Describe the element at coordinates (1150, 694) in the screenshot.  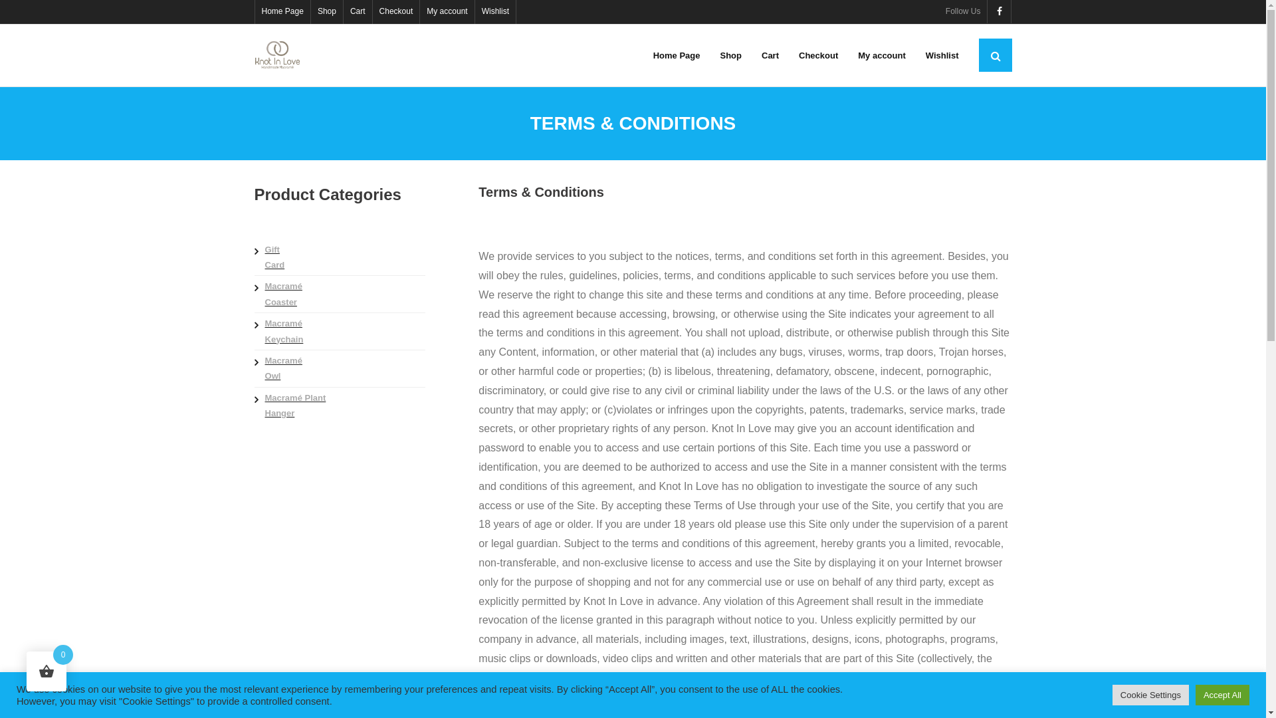
I see `'Cookie Settings'` at that location.